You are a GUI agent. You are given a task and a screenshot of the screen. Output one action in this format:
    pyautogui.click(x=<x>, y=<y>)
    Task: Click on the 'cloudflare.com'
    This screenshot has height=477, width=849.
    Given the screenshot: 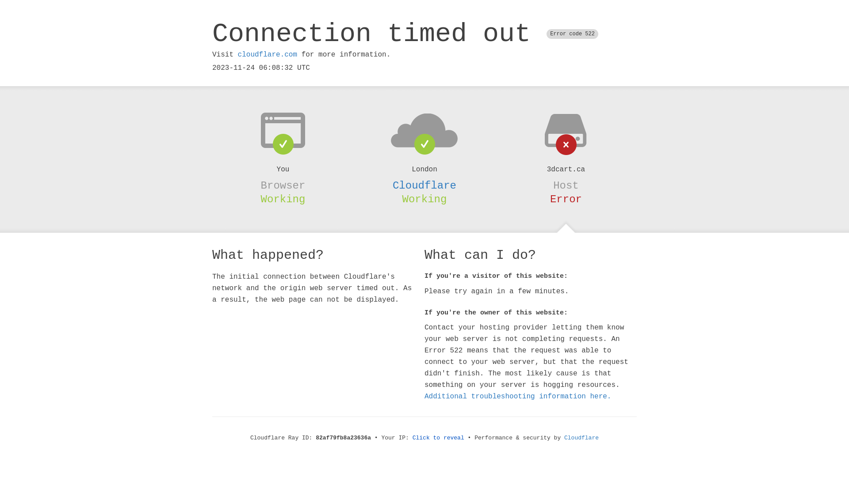 What is the action you would take?
    pyautogui.click(x=267, y=54)
    